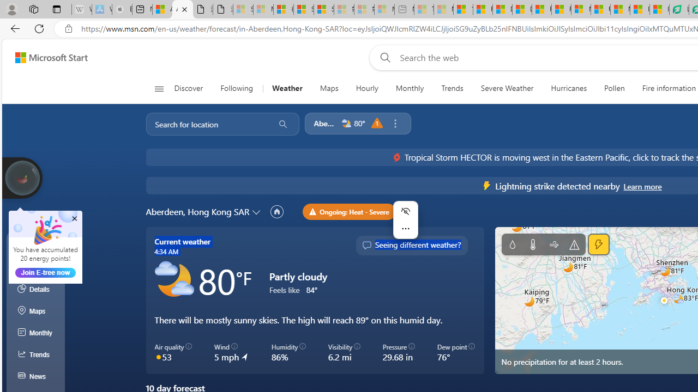 The height and width of the screenshot is (392, 698). Describe the element at coordinates (409, 88) in the screenshot. I see `'Monthly'` at that location.